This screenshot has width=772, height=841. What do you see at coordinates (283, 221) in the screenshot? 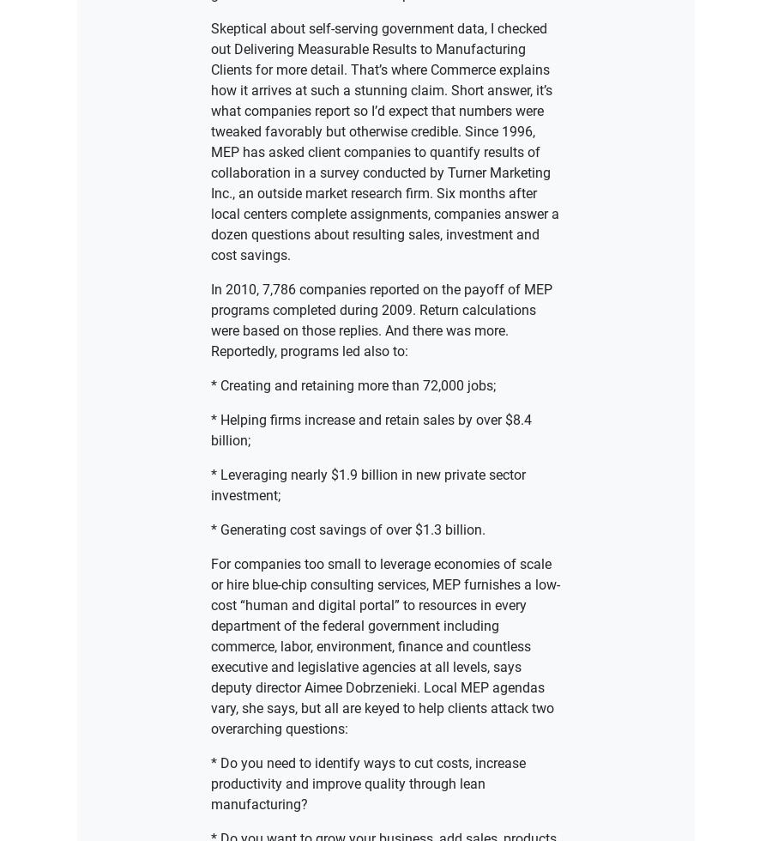
I see `'© 2022'` at bounding box center [283, 221].